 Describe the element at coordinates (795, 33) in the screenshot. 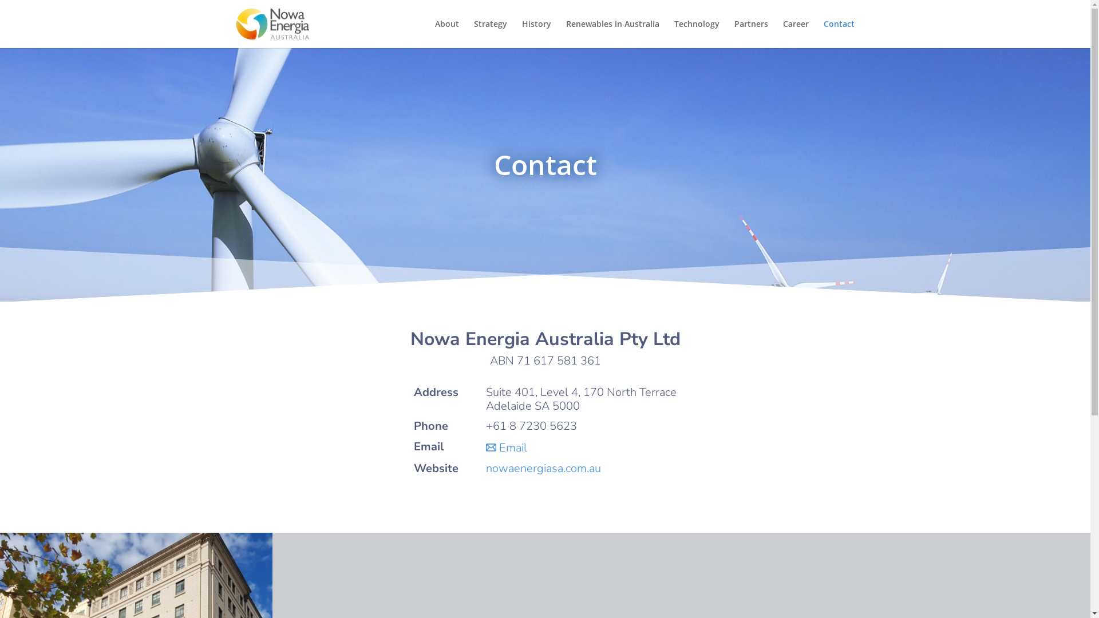

I see `'Career'` at that location.